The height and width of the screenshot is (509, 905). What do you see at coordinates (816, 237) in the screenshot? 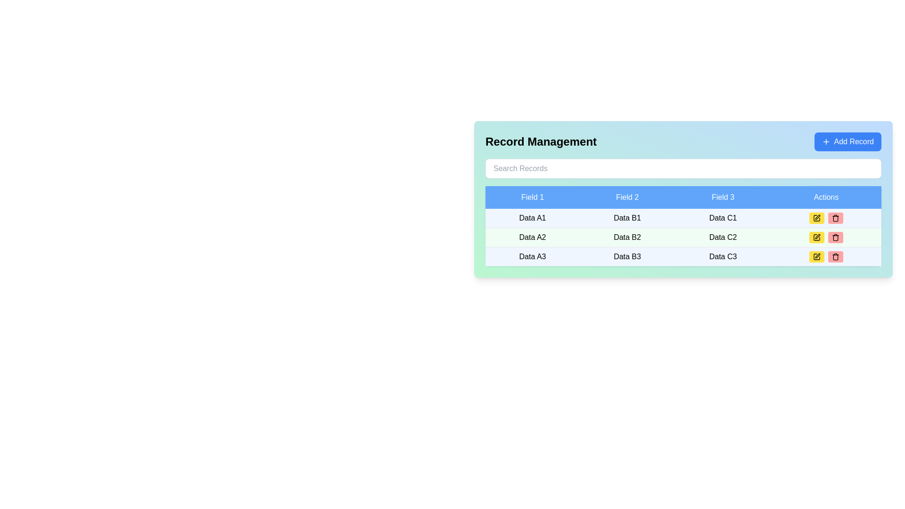
I see `the edit button located in the 'Actions' column of the second row of the table, which is to the left of the red trash bin icon` at bounding box center [816, 237].